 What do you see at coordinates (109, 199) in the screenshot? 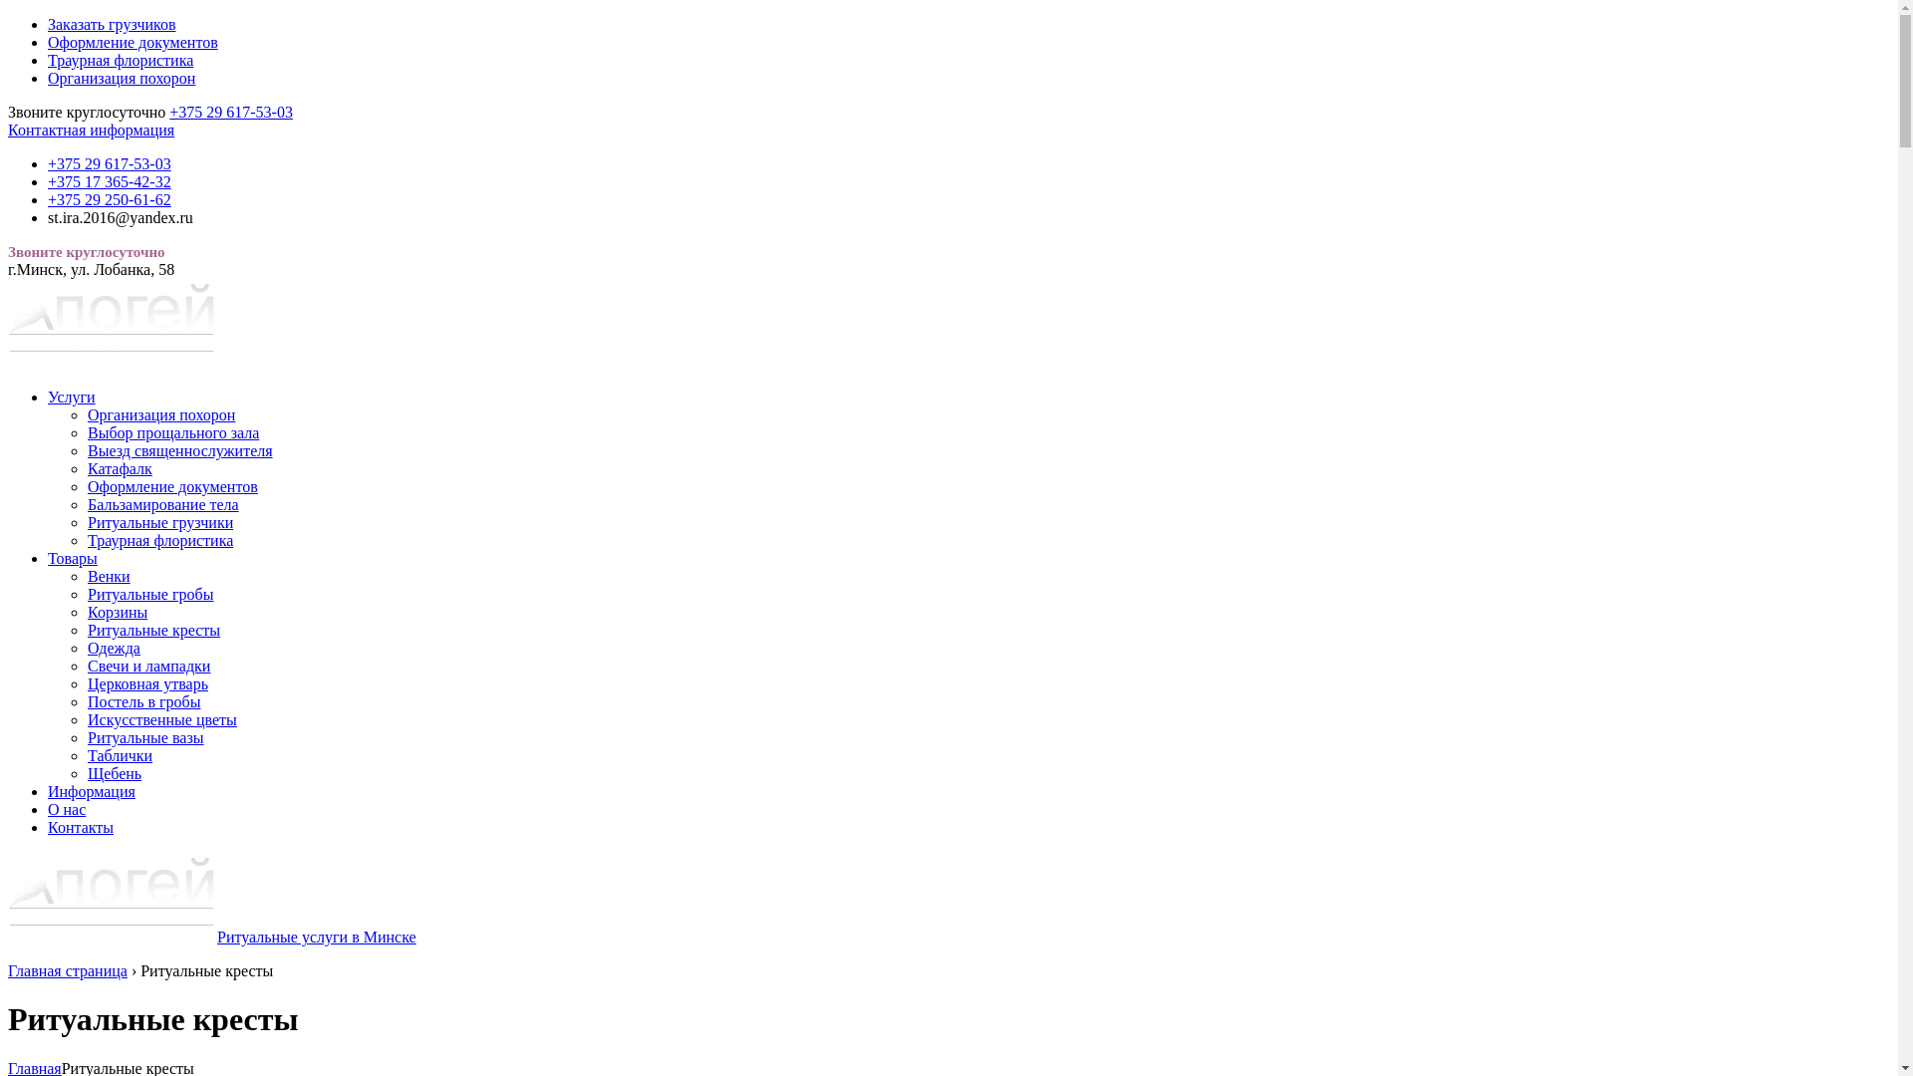
I see `'+375 29 250-61-62'` at bounding box center [109, 199].